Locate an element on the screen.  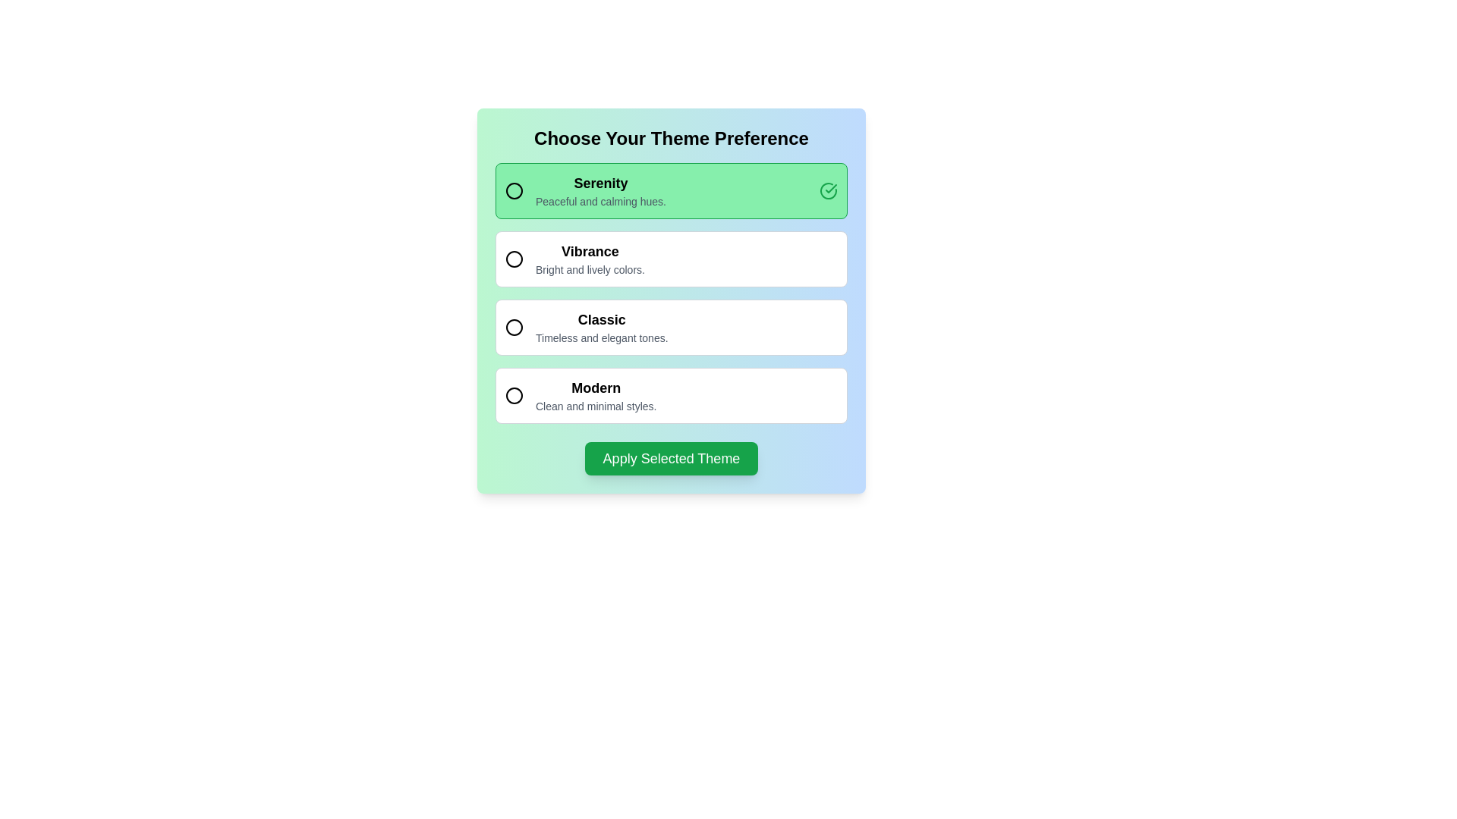
the selectable card for the 'Modern' theme, which features a radio button and is the last item in the theme selection list is located at coordinates (670, 394).